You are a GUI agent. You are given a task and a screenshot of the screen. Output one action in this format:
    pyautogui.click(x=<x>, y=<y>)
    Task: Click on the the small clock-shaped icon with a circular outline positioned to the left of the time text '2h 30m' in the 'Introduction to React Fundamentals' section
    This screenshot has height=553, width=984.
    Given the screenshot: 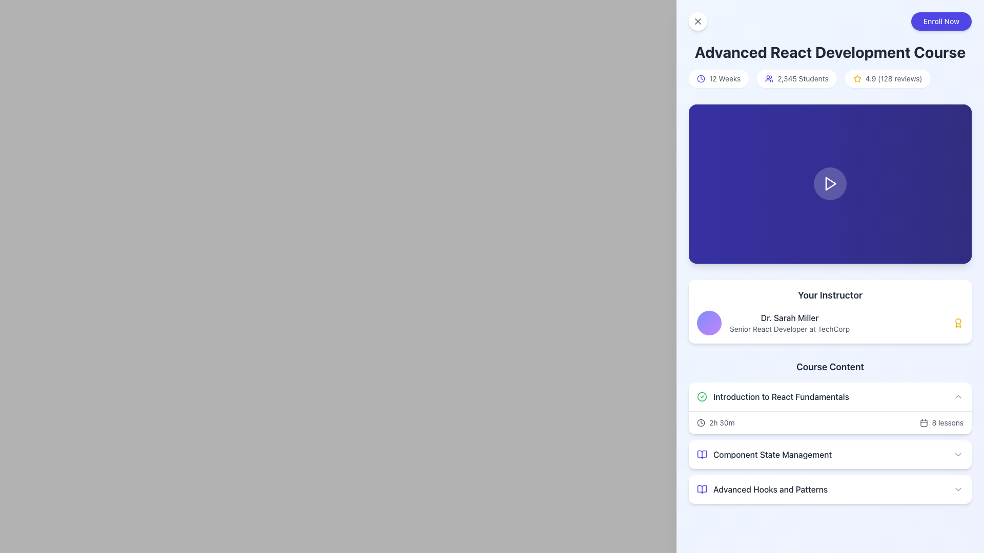 What is the action you would take?
    pyautogui.click(x=701, y=422)
    